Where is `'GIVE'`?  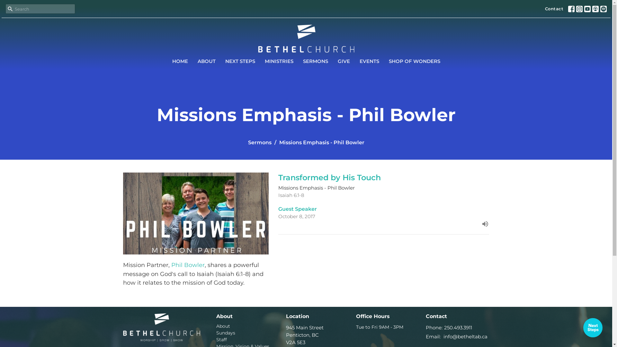
'GIVE' is located at coordinates (343, 61).